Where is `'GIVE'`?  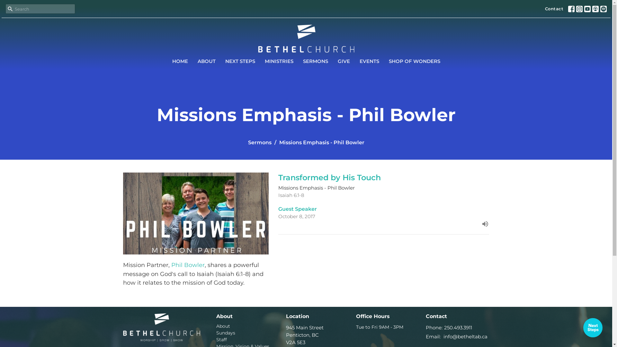
'GIVE' is located at coordinates (343, 61).